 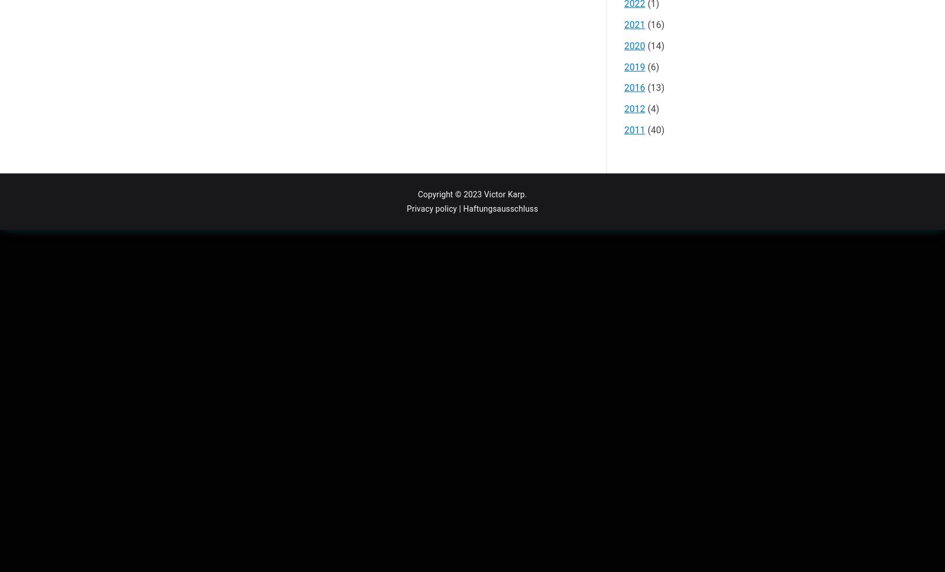 I want to click on 'Copyright © 2023 Victor Karp.', so click(x=416, y=193).